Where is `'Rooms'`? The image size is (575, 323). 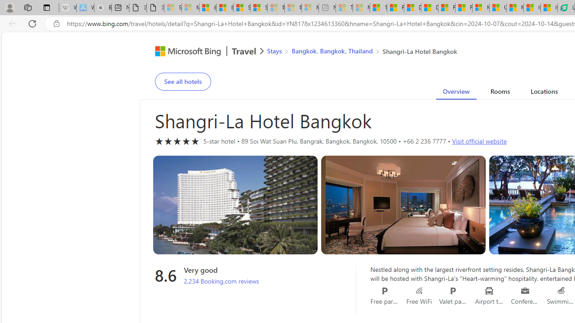 'Rooms' is located at coordinates (499, 93).